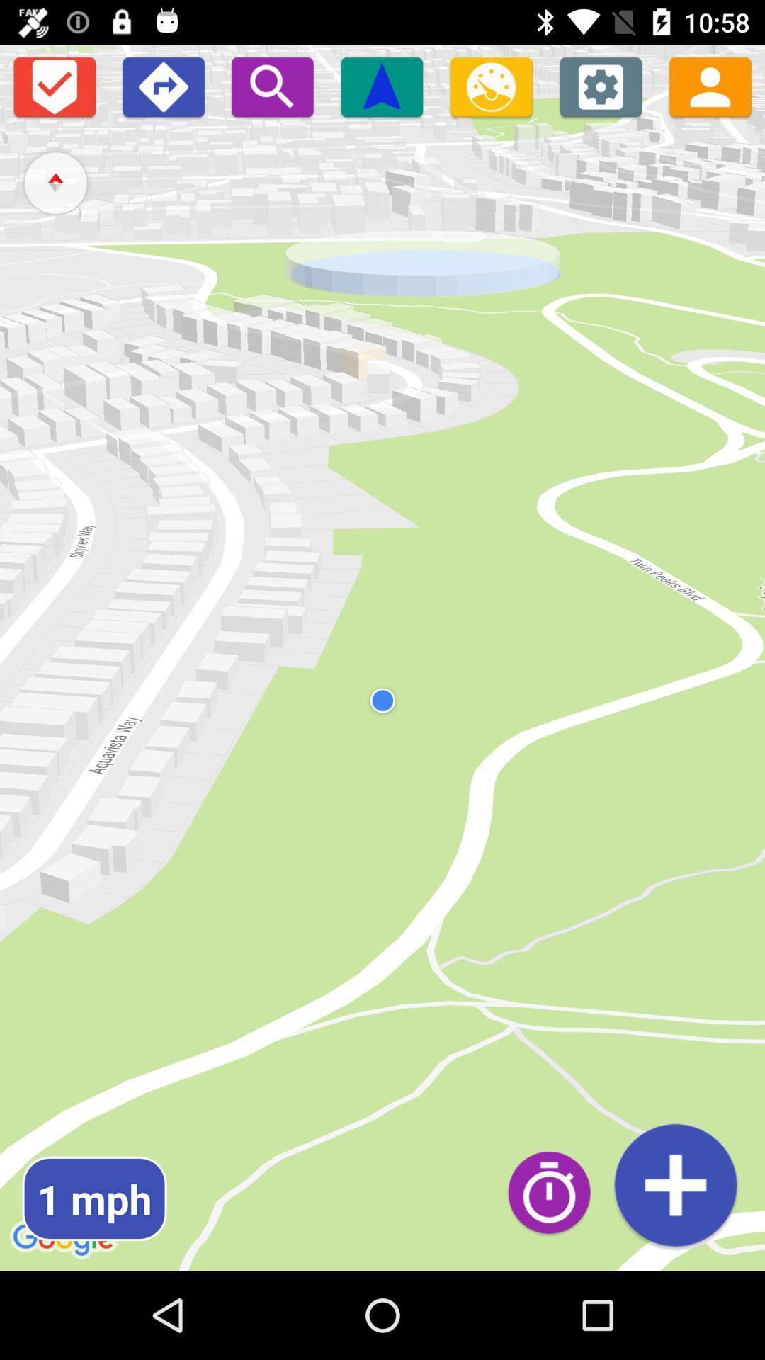 The width and height of the screenshot is (765, 1360). Describe the element at coordinates (162, 86) in the screenshot. I see `this is a playground` at that location.